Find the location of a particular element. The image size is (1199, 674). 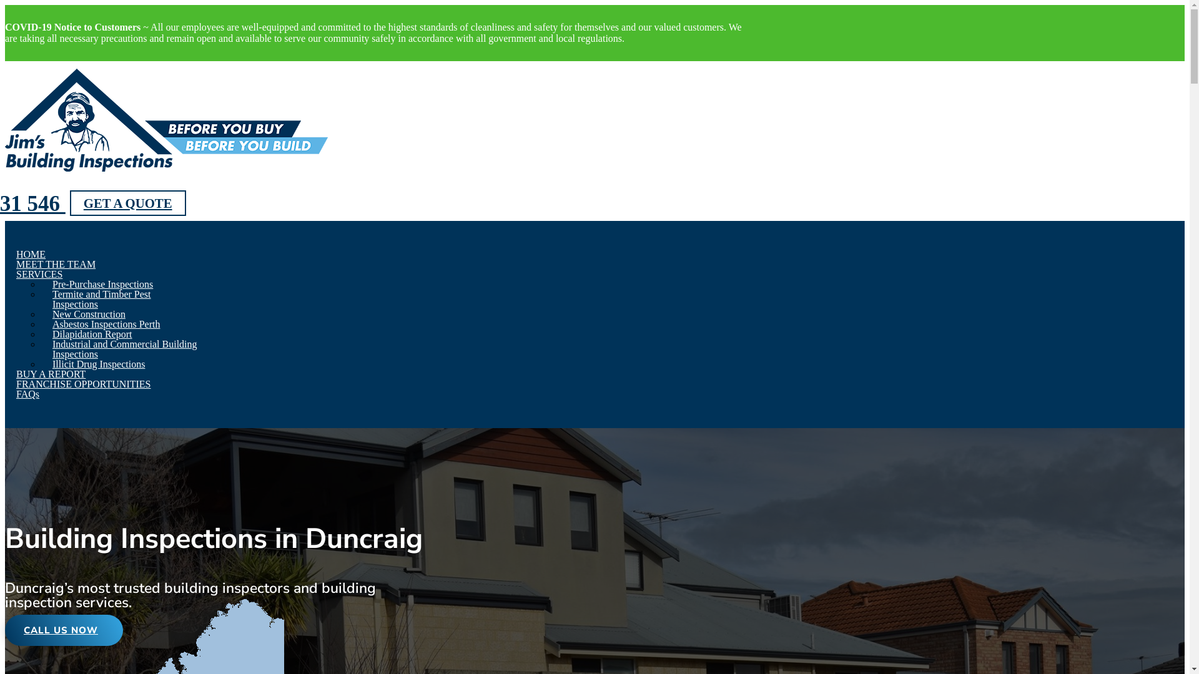

'Illicit Drug Inspections' is located at coordinates (98, 364).